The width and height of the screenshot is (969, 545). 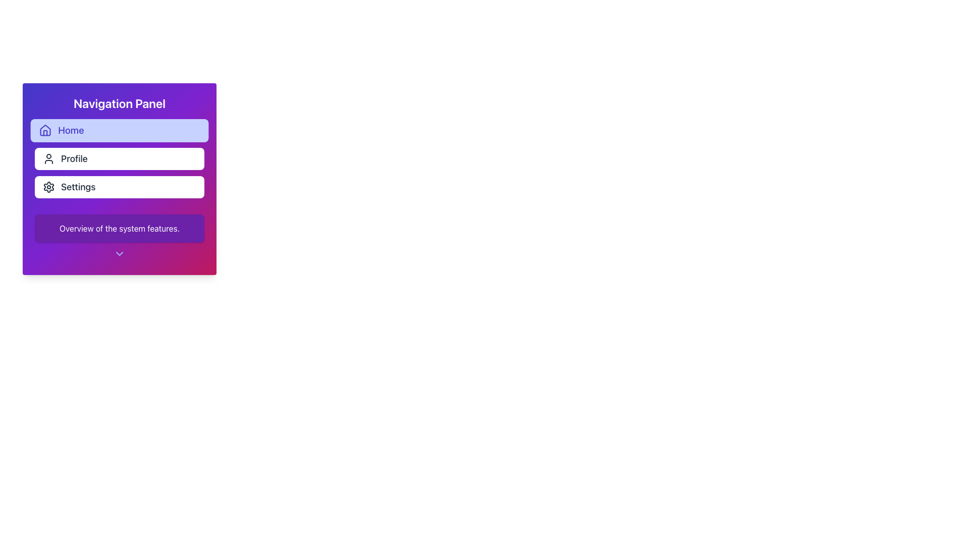 What do you see at coordinates (119, 159) in the screenshot?
I see `the 'Profile' button in the vertical navigation panel` at bounding box center [119, 159].